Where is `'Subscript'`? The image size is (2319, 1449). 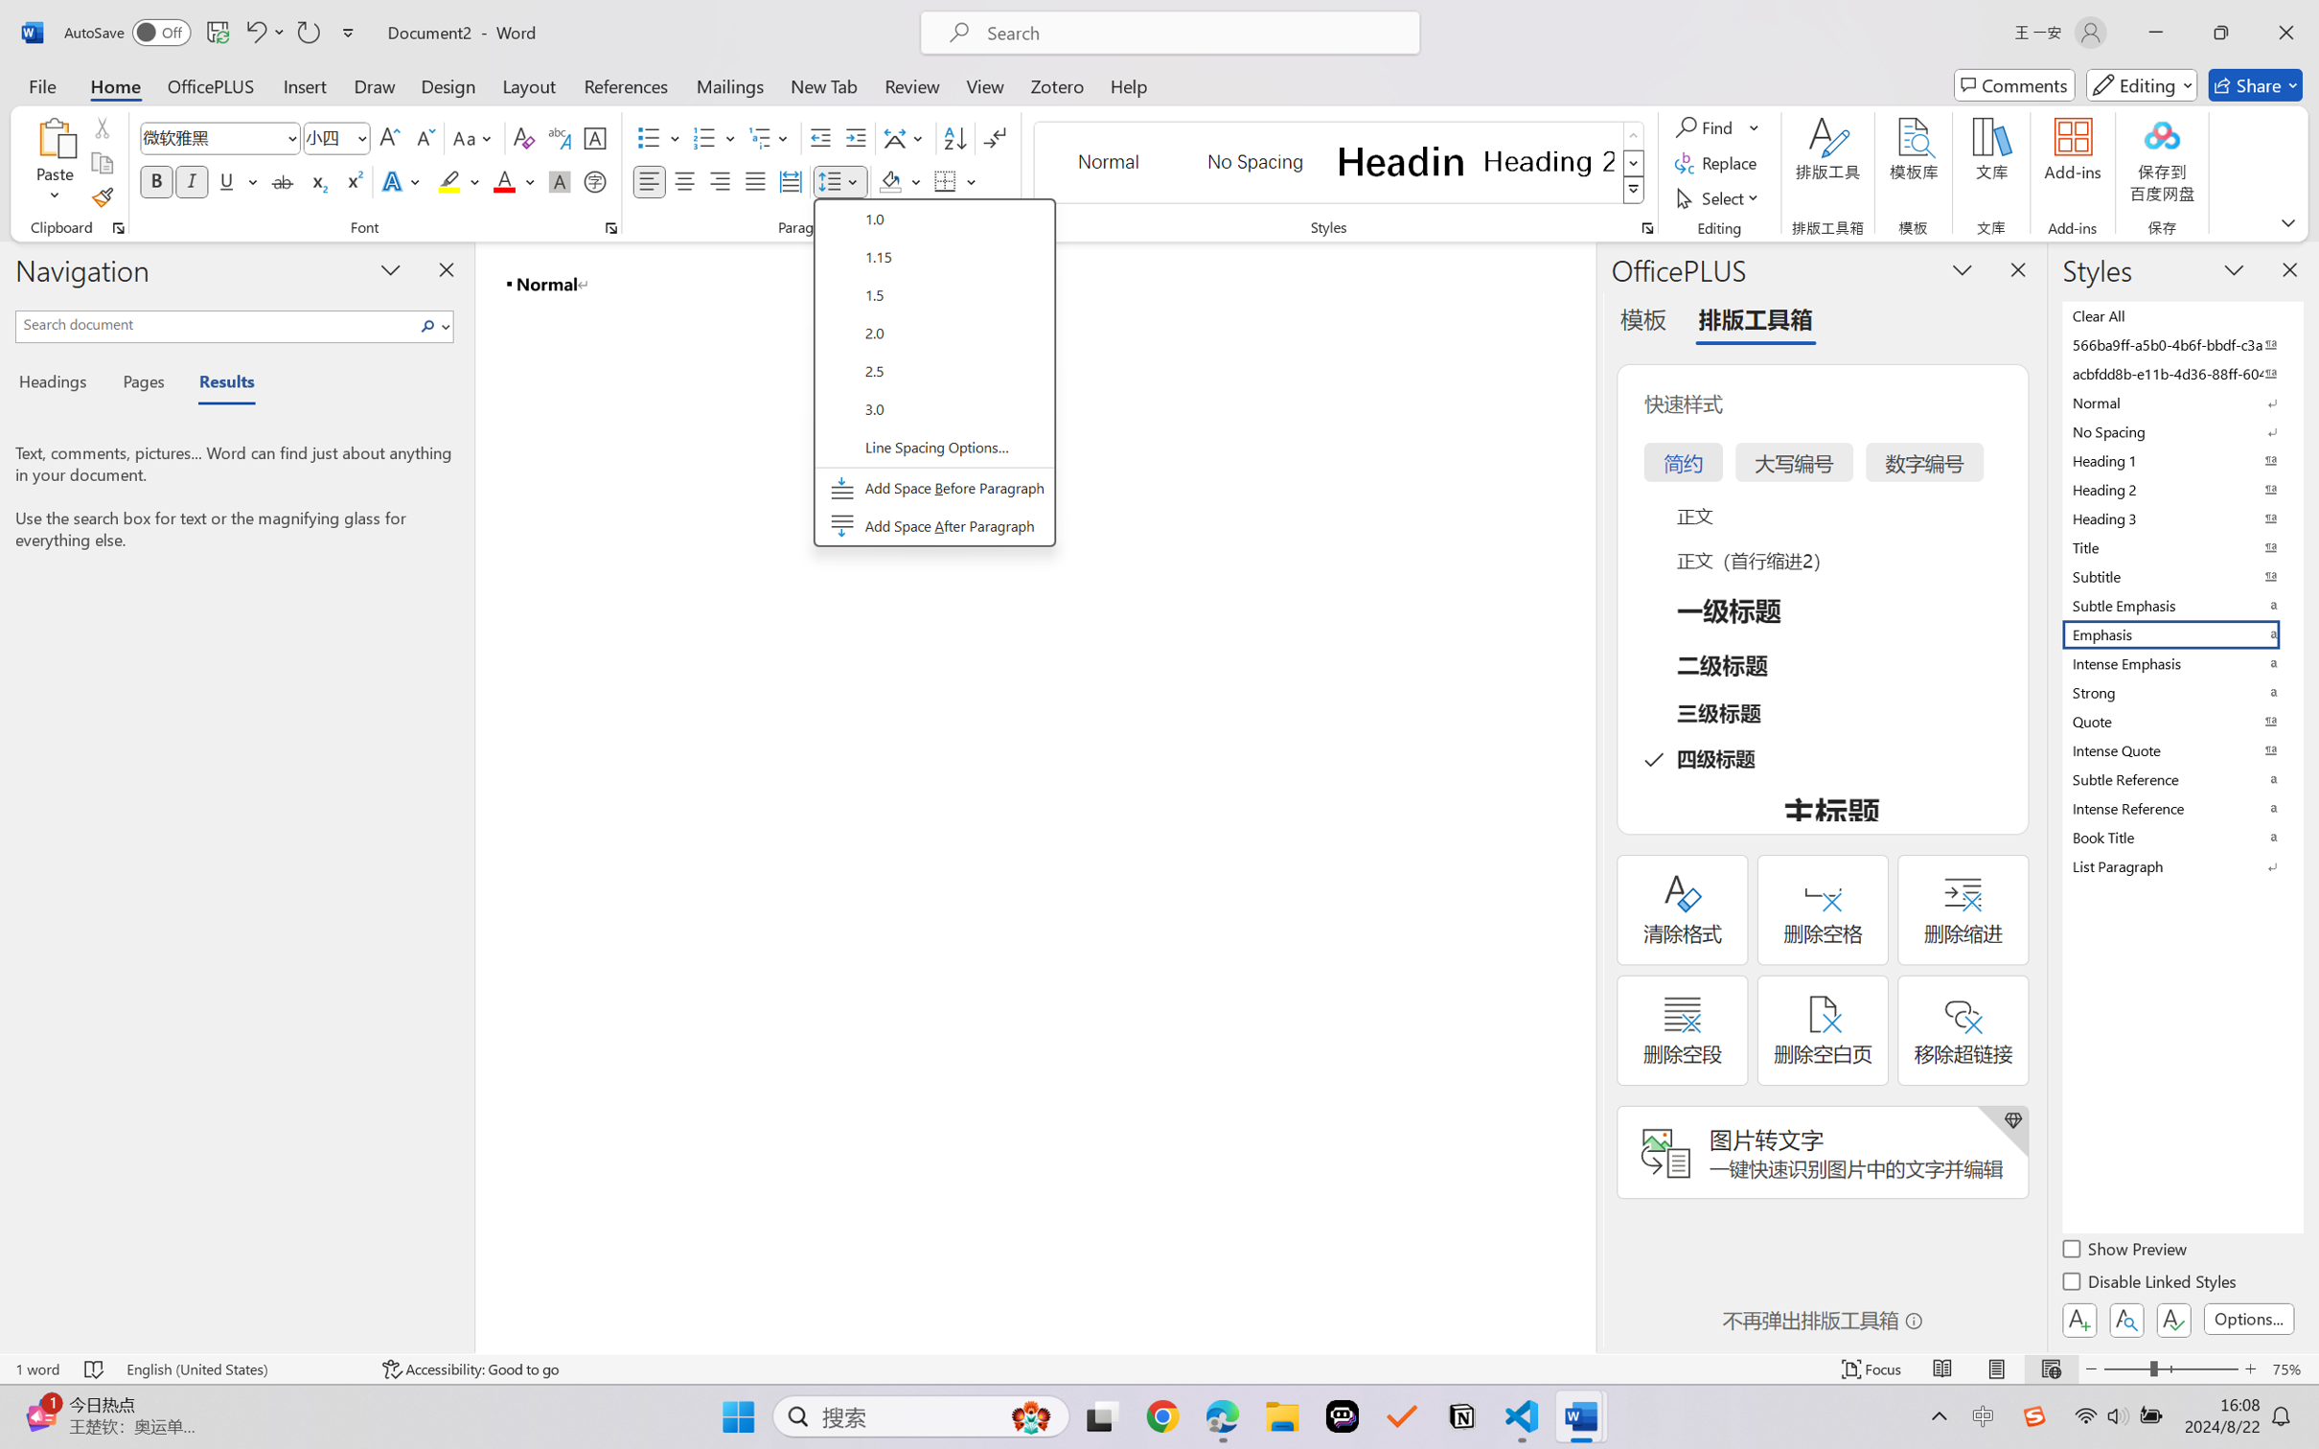
'Subscript' is located at coordinates (316, 180).